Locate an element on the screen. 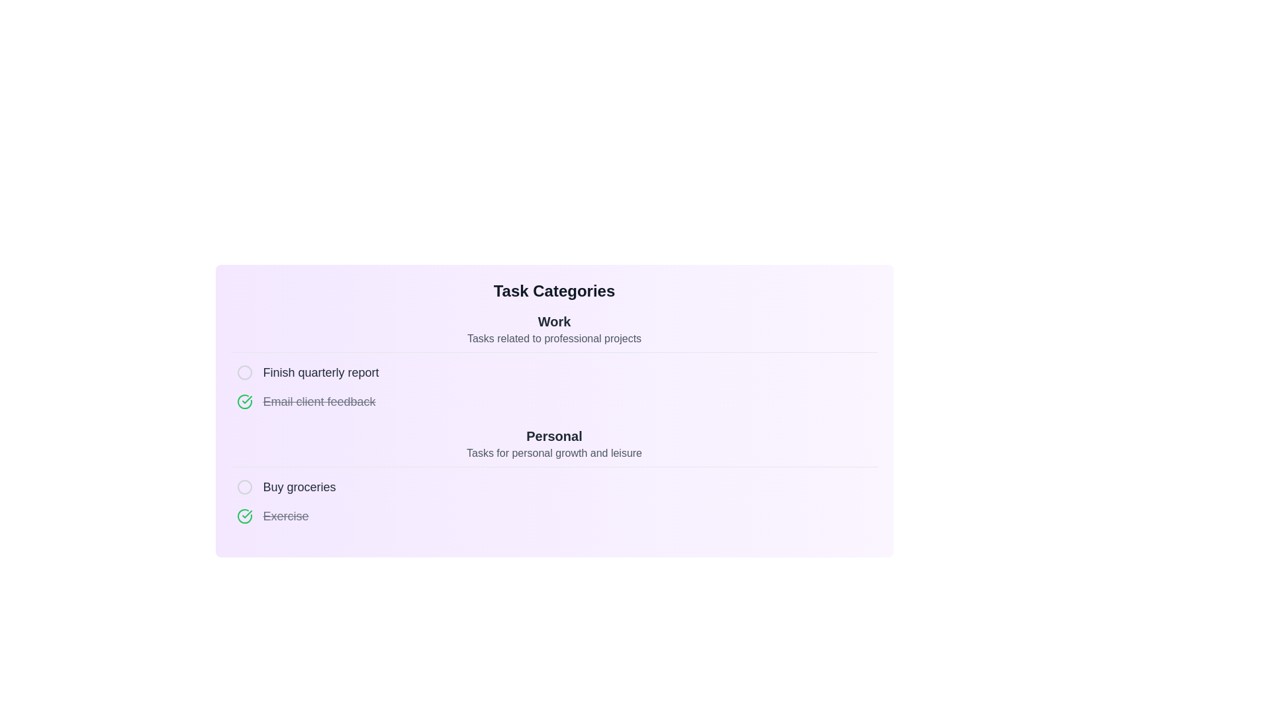 Image resolution: width=1271 pixels, height=715 pixels. the checkbox for the task 'Buy groceries' is located at coordinates (244, 487).